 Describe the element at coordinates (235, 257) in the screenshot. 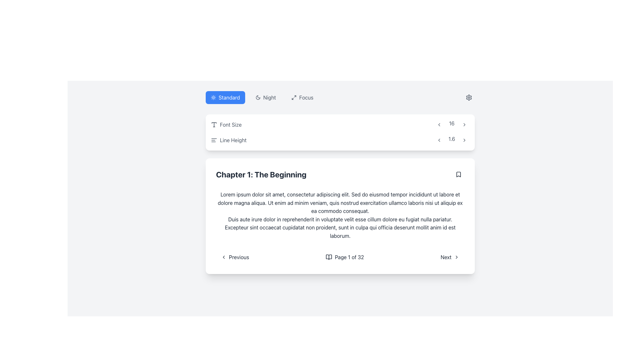

I see `the 'Previous' button, which is a horizontally aligned button with a leftward arrow icon and the text 'Previous'` at that location.